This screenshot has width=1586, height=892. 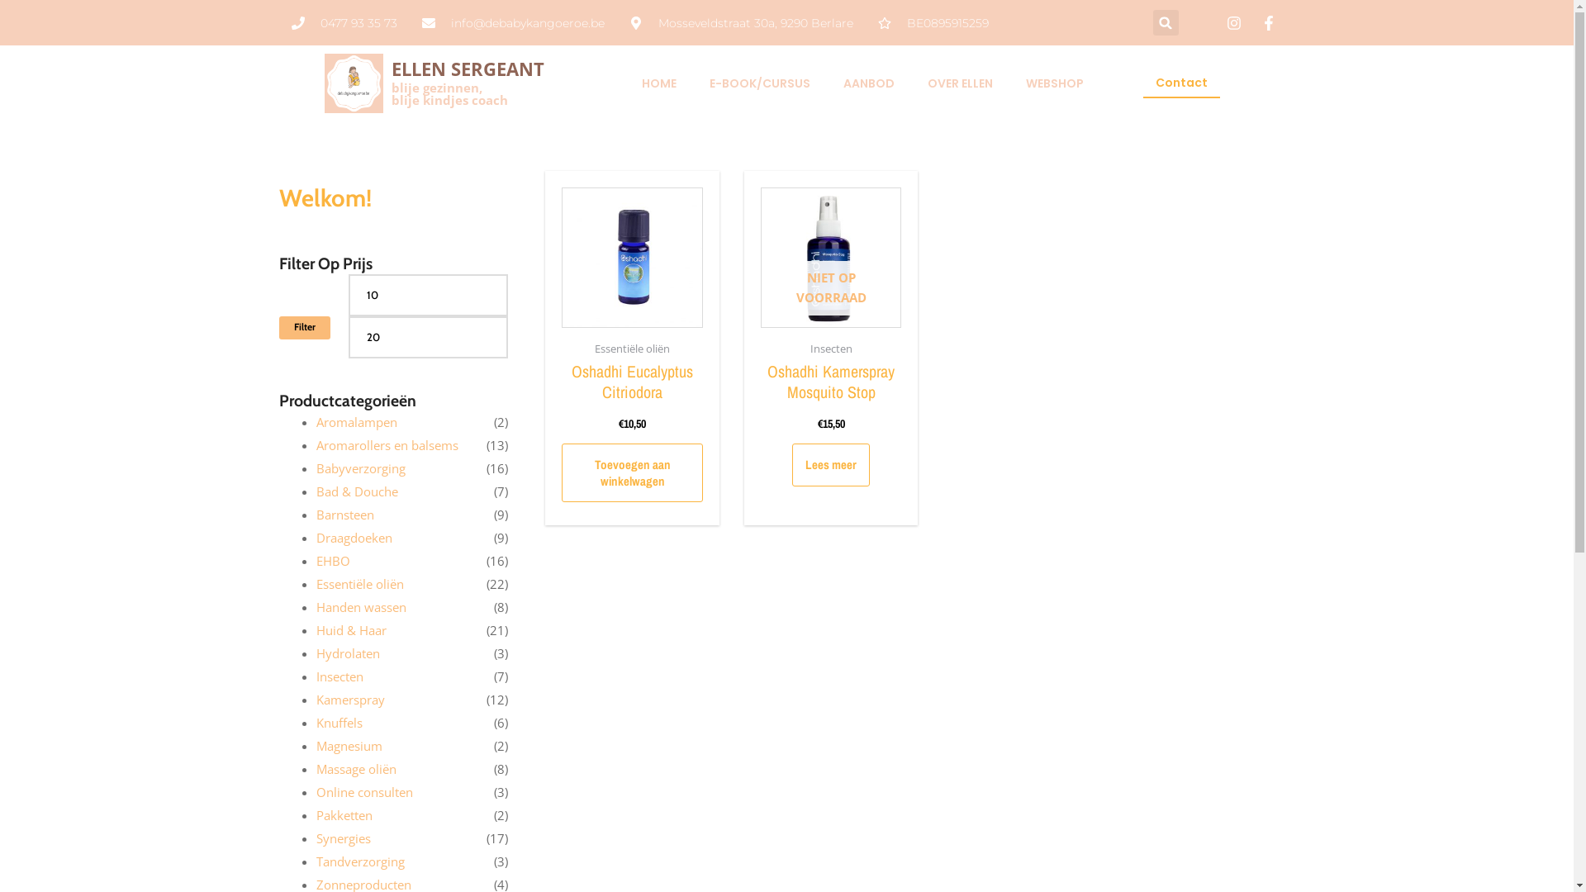 What do you see at coordinates (831, 465) in the screenshot?
I see `'Lees meer'` at bounding box center [831, 465].